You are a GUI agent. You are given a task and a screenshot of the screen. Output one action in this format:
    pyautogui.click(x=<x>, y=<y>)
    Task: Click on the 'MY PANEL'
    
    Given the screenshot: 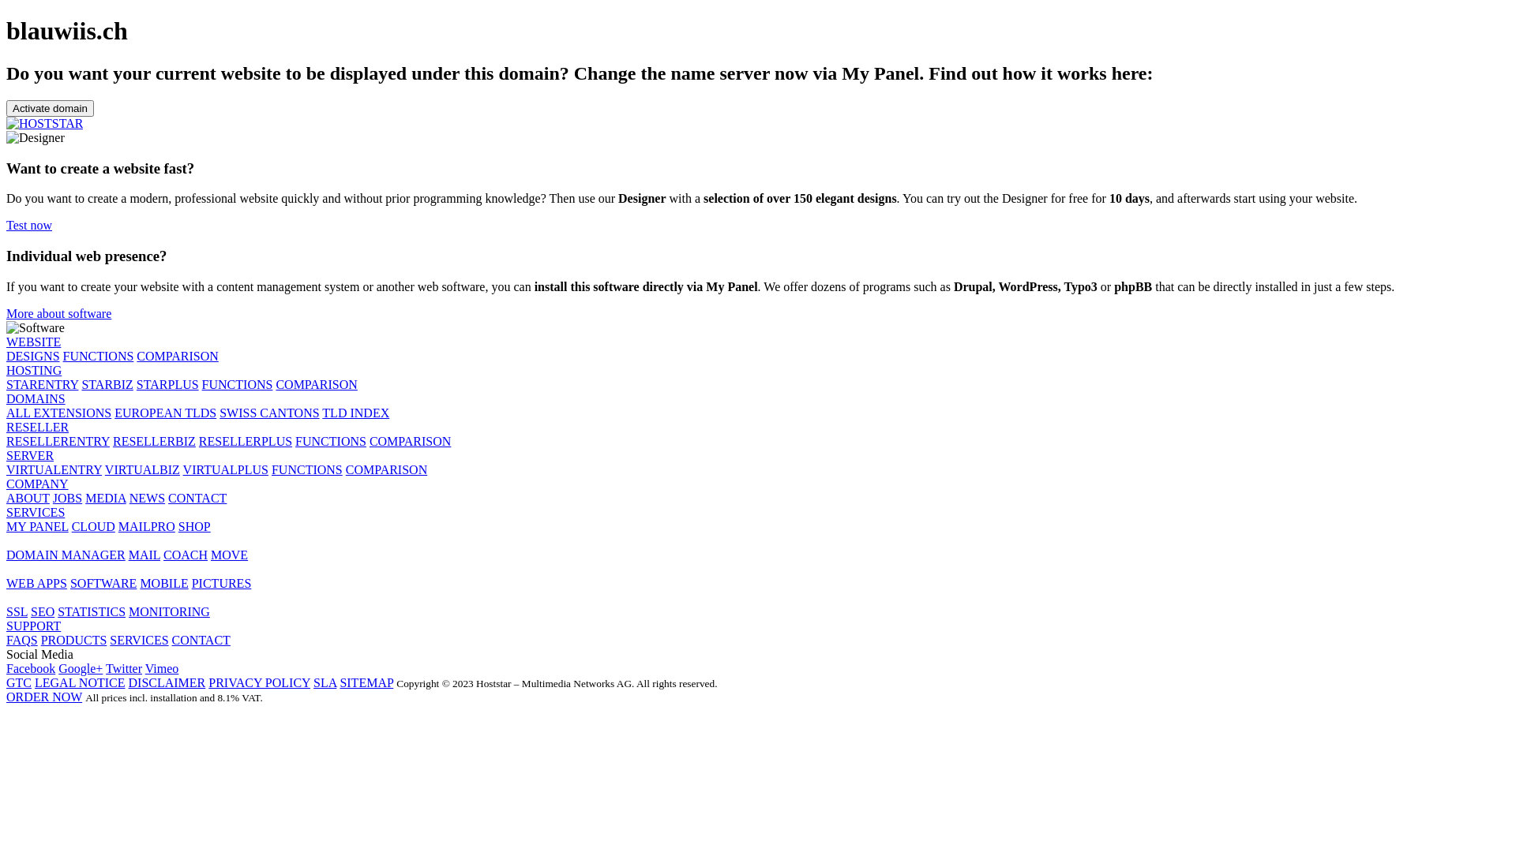 What is the action you would take?
    pyautogui.click(x=6, y=526)
    